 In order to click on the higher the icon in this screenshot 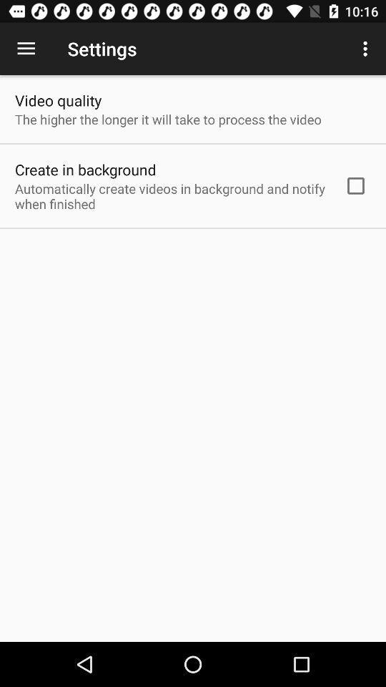, I will do `click(167, 118)`.